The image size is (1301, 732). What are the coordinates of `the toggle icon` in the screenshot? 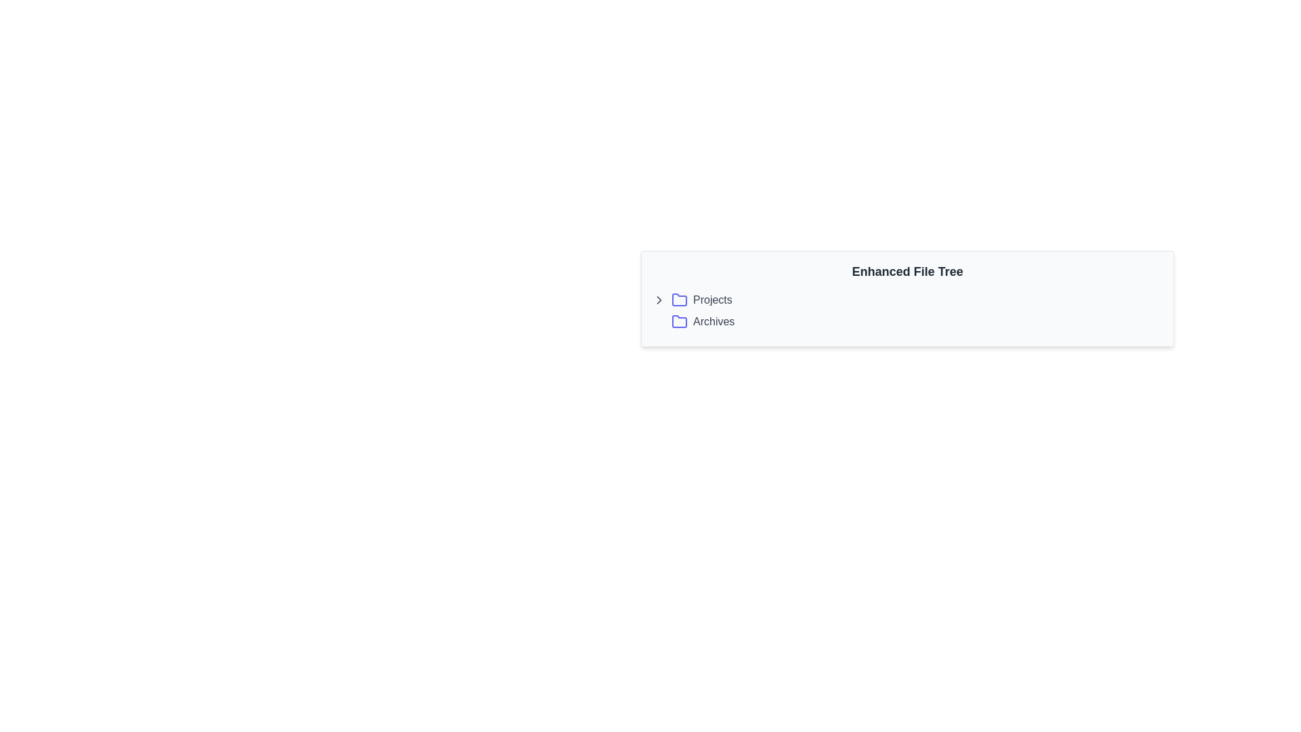 It's located at (659, 300).